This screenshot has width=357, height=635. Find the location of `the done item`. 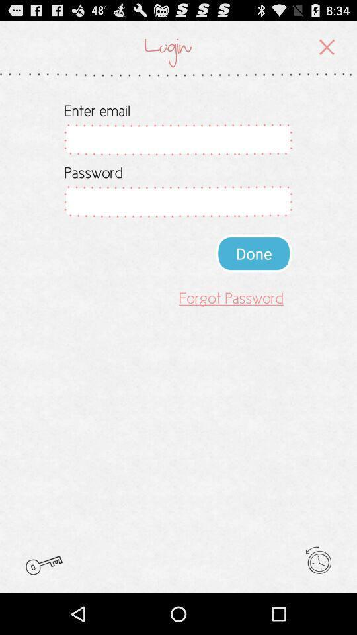

the done item is located at coordinates (254, 253).